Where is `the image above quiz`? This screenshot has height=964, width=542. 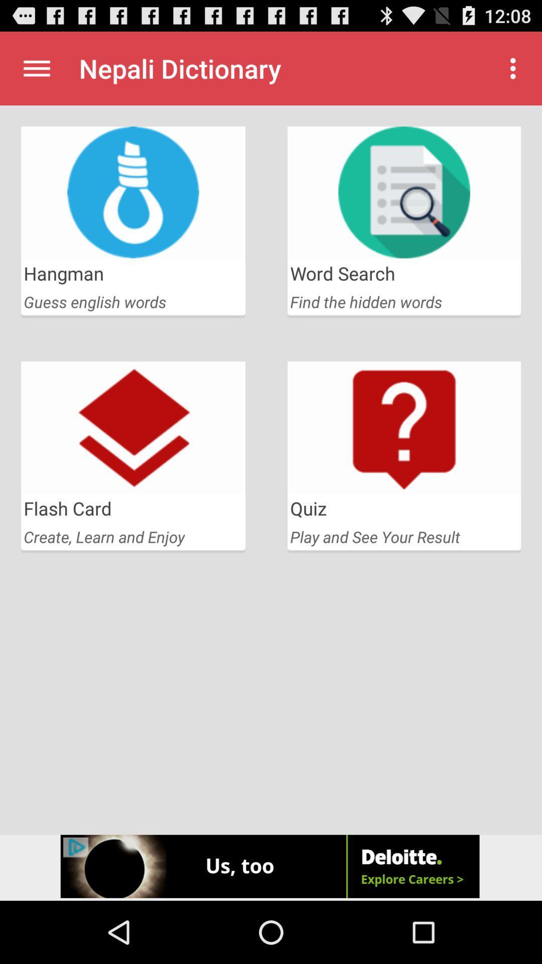
the image above quiz is located at coordinates (403, 427).